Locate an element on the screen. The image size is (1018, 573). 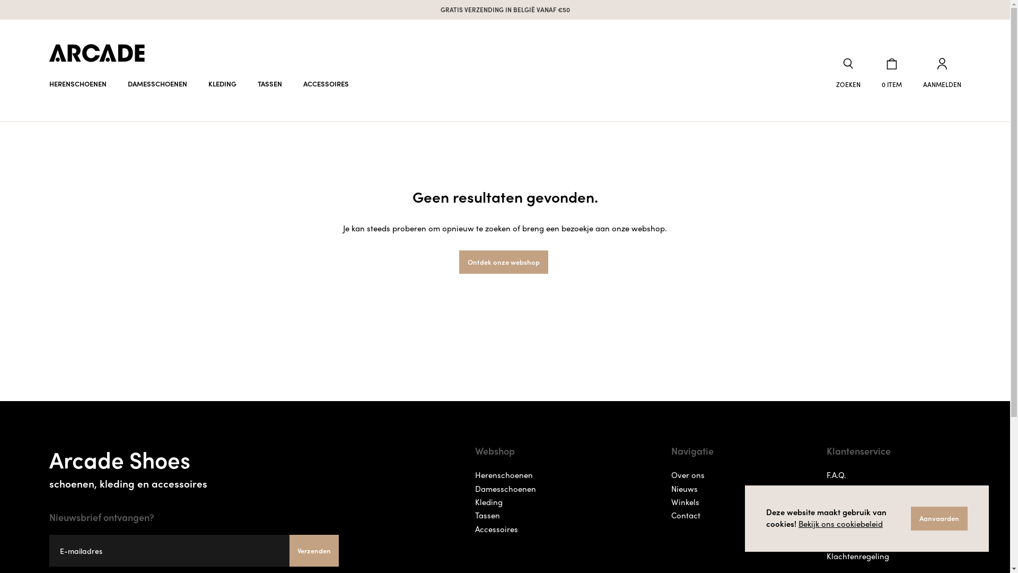
'KLEDING' is located at coordinates (221, 83).